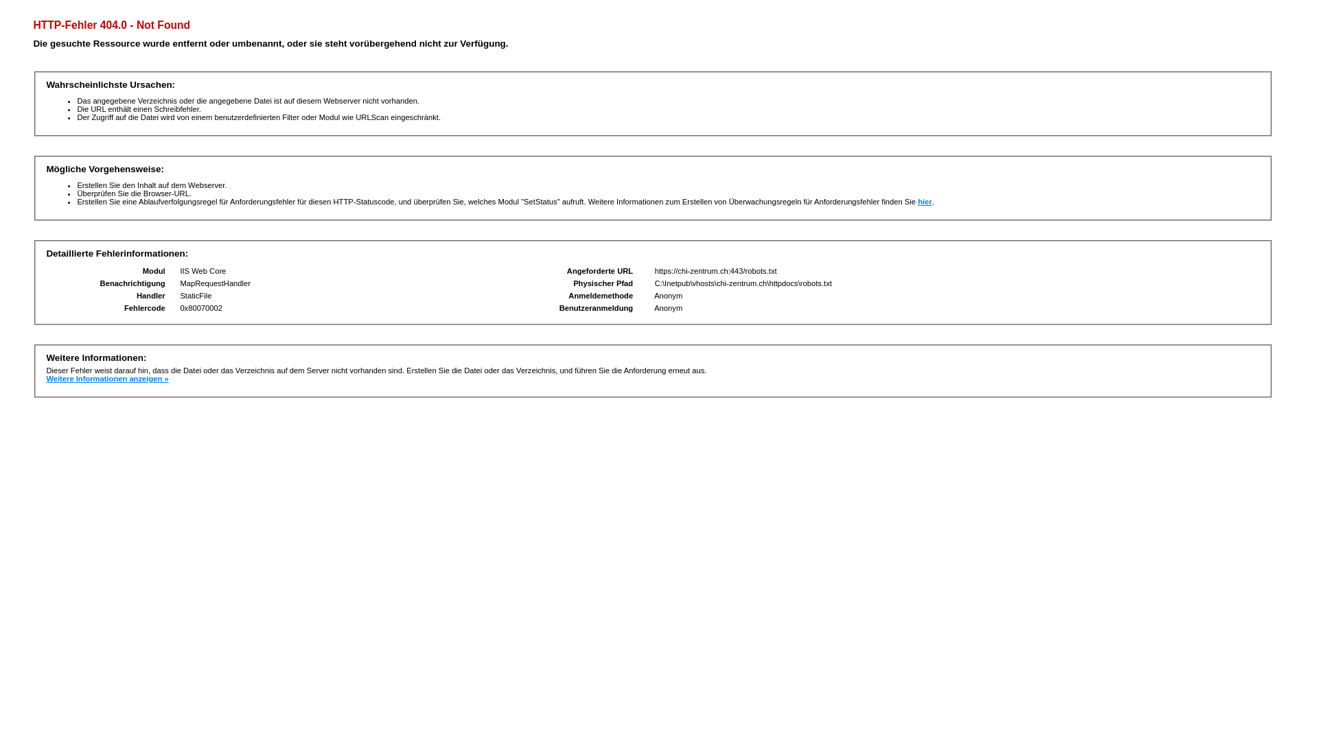 The width and height of the screenshot is (1318, 741). What do you see at coordinates (925, 201) in the screenshot?
I see `'hier'` at bounding box center [925, 201].